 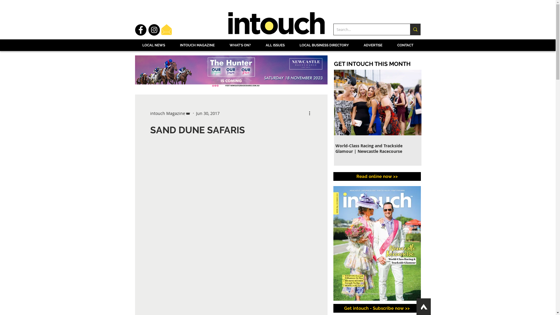 What do you see at coordinates (291, 179) in the screenshot?
I see `'Local Community Page'` at bounding box center [291, 179].